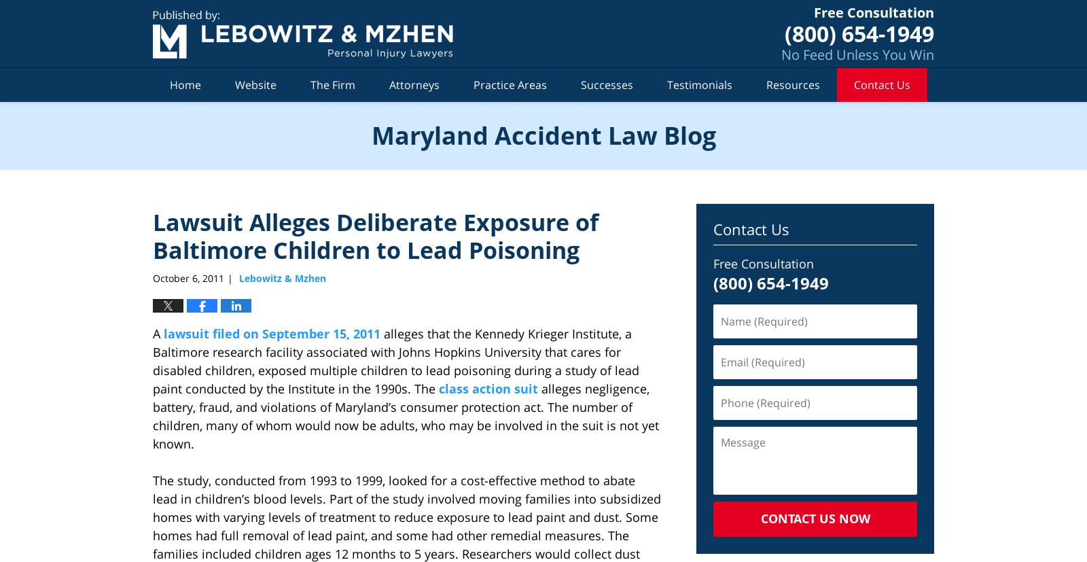 This screenshot has width=1087, height=562. Describe the element at coordinates (374, 235) in the screenshot. I see `'Lawsuit Alleges Deliberate Exposure of Baltimore Children to Lead Poisoning'` at that location.